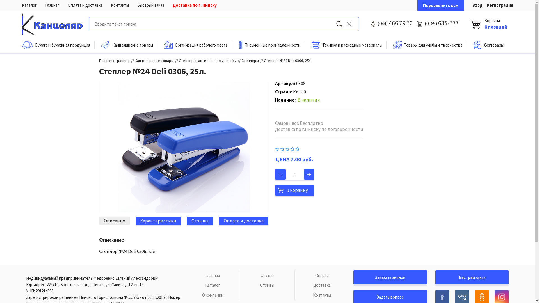  What do you see at coordinates (297, 148) in the screenshot?
I see `'5'` at bounding box center [297, 148].